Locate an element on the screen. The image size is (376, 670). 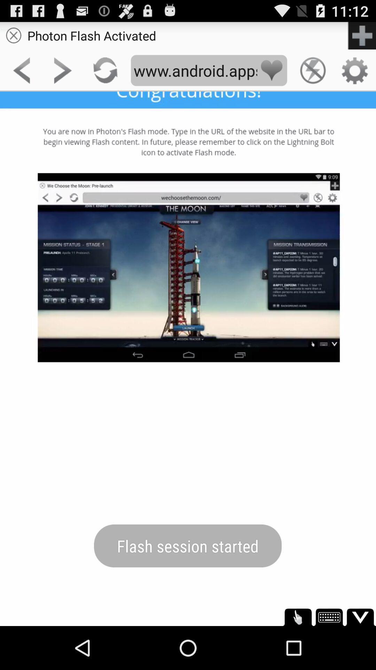
the flash icon is located at coordinates (312, 75).